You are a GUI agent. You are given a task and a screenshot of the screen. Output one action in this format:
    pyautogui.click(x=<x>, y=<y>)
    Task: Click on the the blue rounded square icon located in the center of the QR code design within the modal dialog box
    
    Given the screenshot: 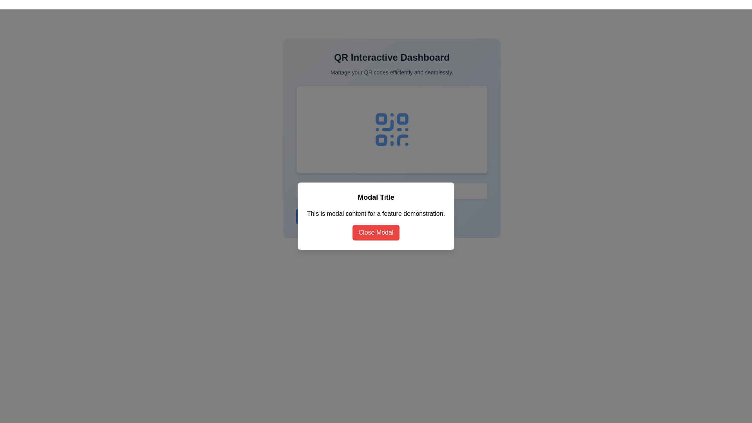 What is the action you would take?
    pyautogui.click(x=381, y=140)
    